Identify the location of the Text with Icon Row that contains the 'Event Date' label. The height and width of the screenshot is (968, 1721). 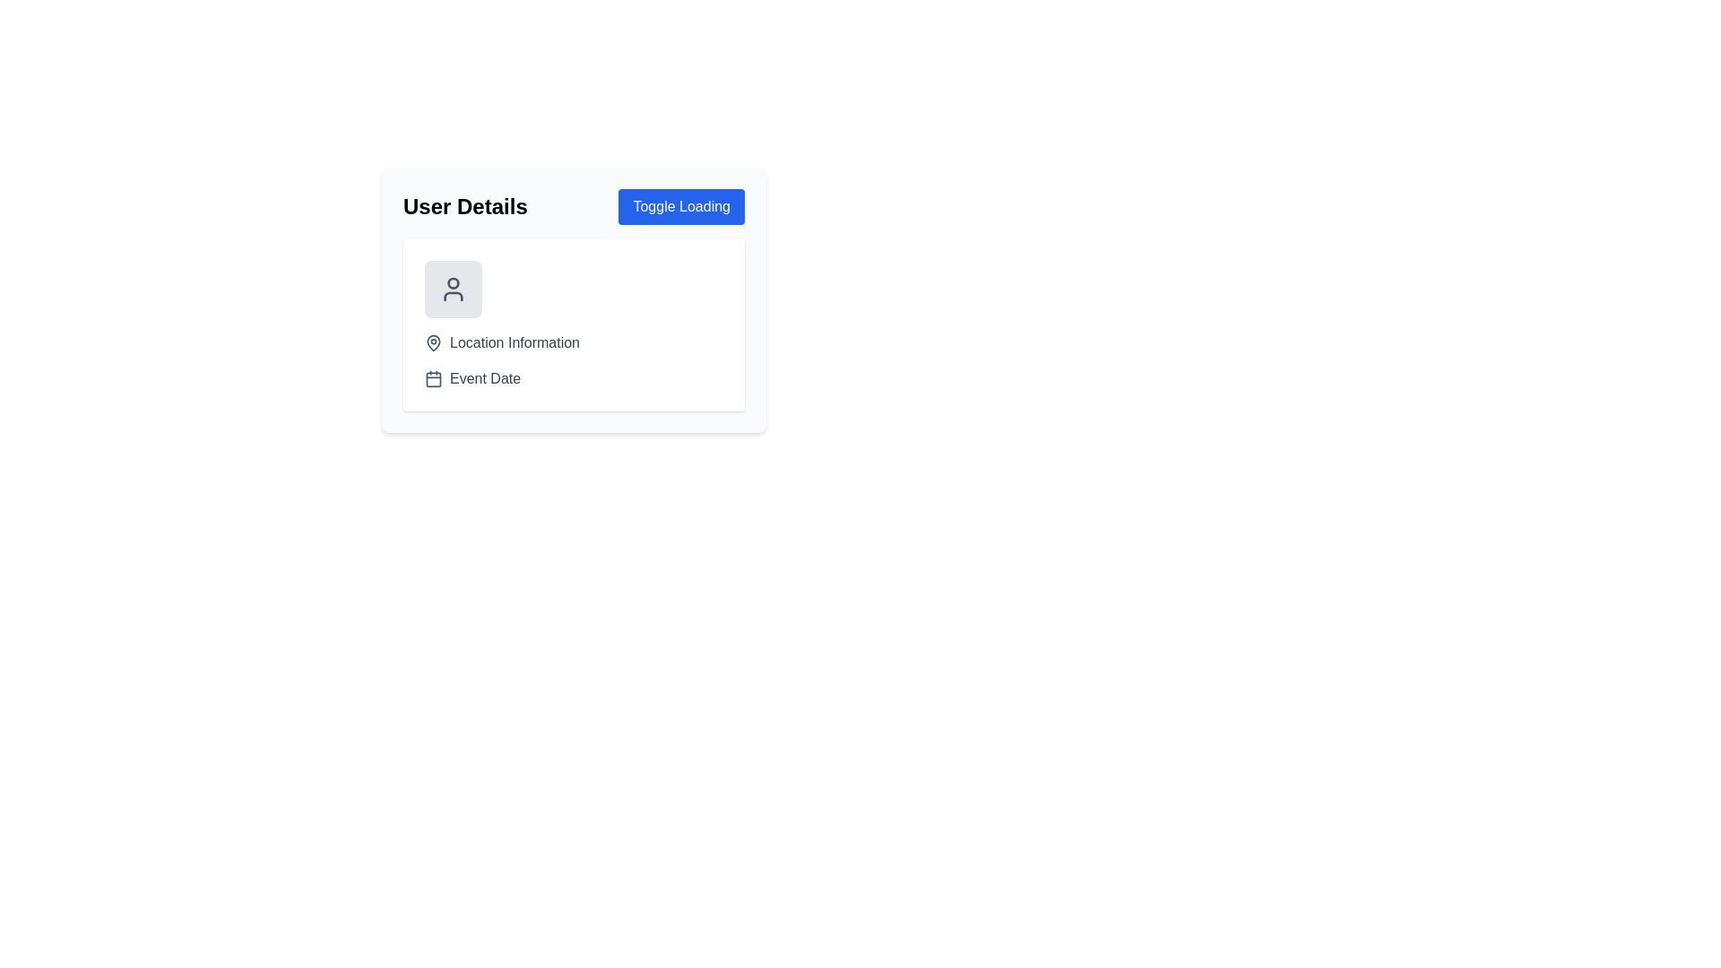
(574, 378).